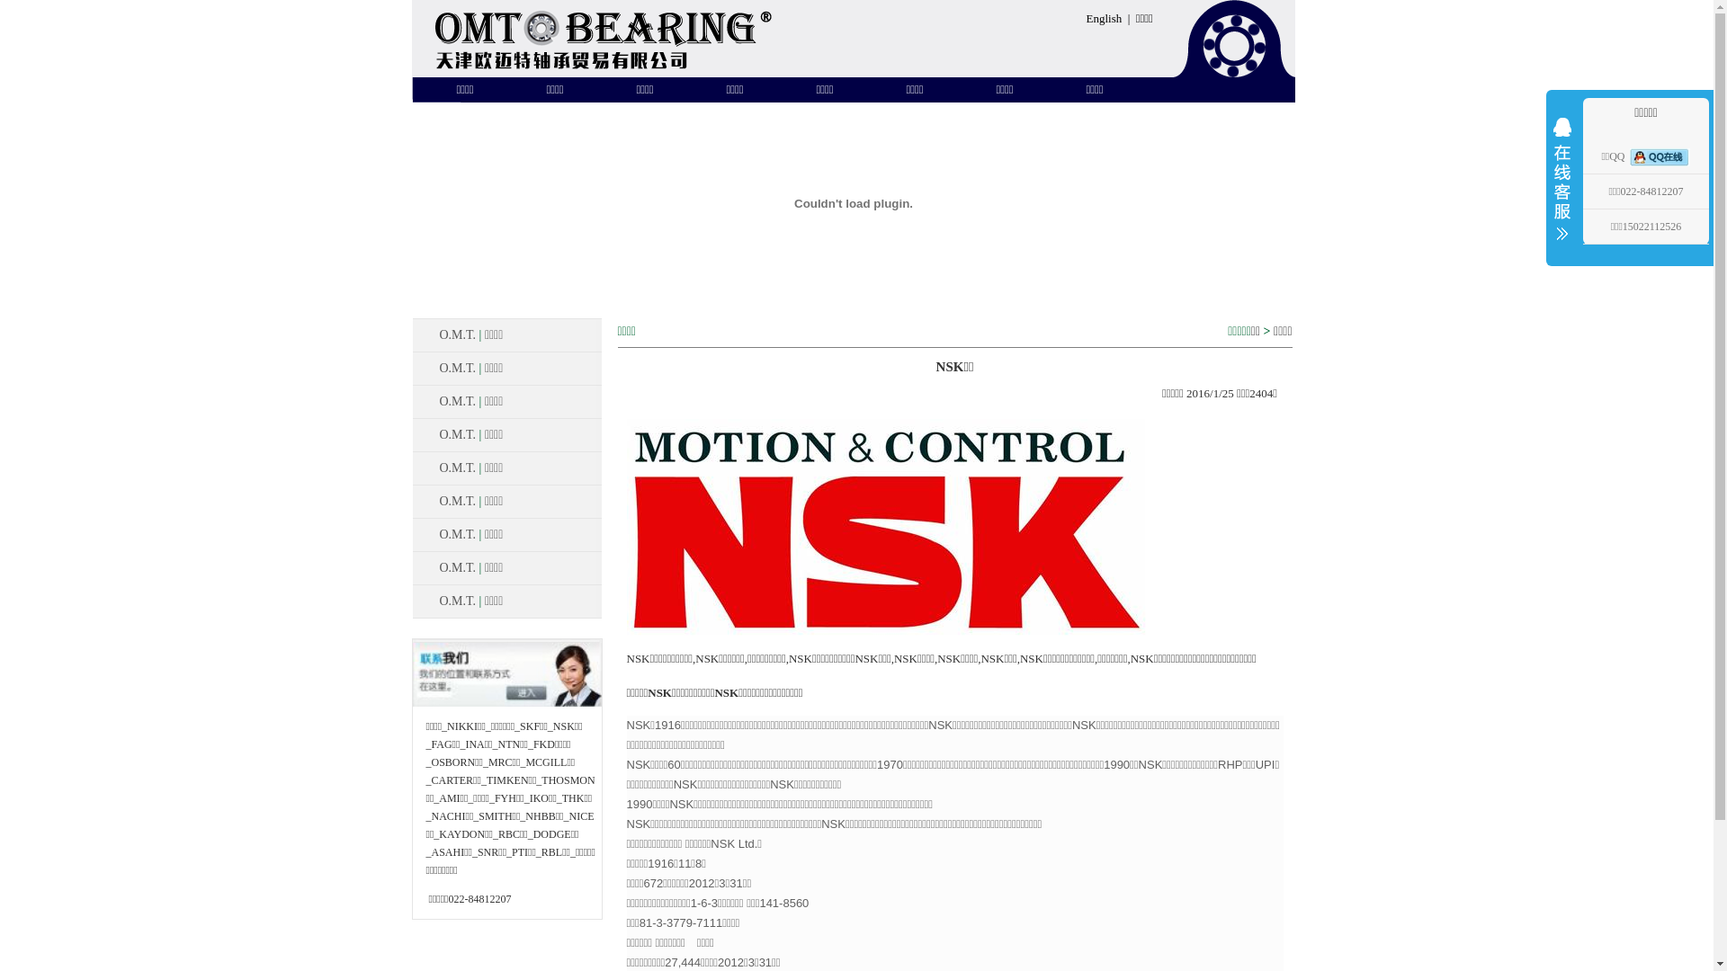 The width and height of the screenshot is (1727, 971). Describe the element at coordinates (1104, 18) in the screenshot. I see `'English'` at that location.